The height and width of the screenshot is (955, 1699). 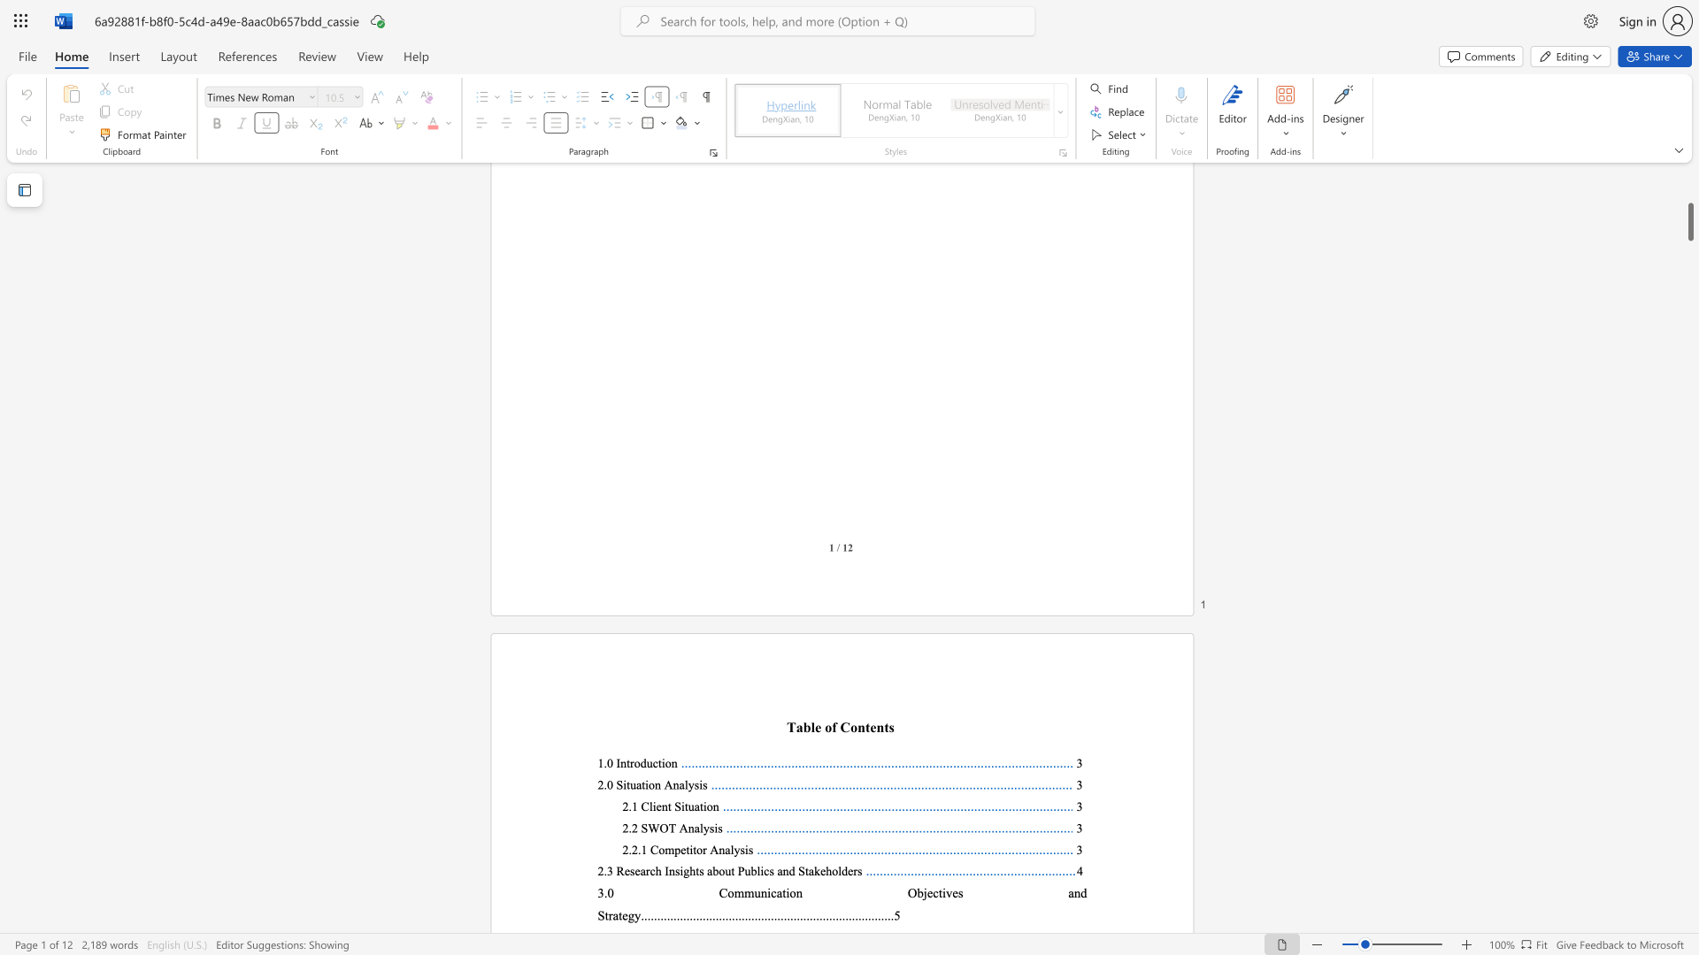 What do you see at coordinates (643, 849) in the screenshot?
I see `the 1th character "1" in the text` at bounding box center [643, 849].